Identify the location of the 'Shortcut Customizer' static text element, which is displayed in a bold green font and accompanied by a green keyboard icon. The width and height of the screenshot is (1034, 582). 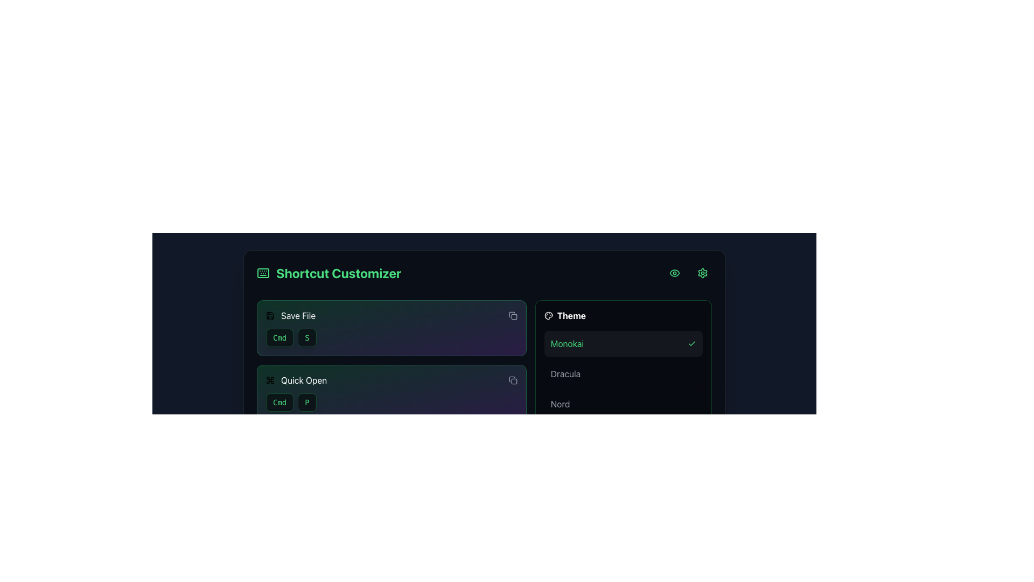
(328, 272).